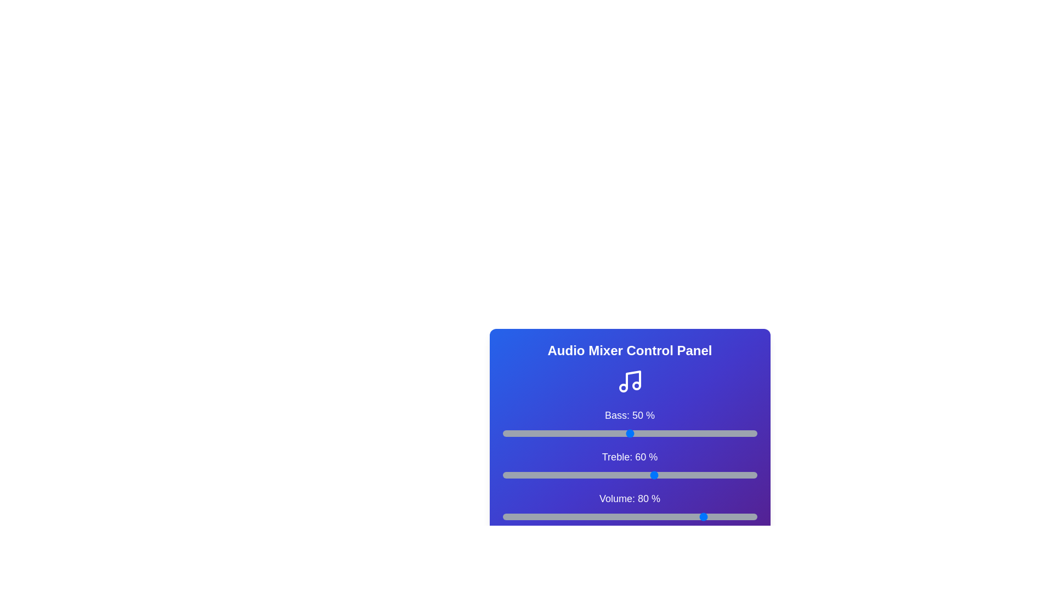 The height and width of the screenshot is (592, 1053). I want to click on the volume slider to 99%, so click(754, 516).